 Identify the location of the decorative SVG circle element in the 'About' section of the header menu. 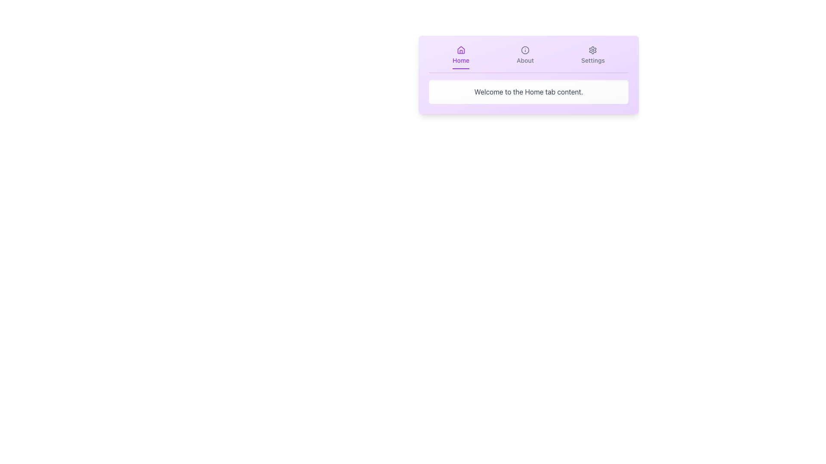
(524, 50).